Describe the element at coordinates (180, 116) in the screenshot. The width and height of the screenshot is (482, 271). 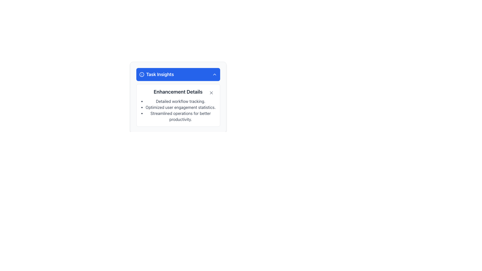
I see `text of the third bullet point in the list titled 'Enhancement Details', which displays the phrase 'Streamlined operations for better productivity.'` at that location.